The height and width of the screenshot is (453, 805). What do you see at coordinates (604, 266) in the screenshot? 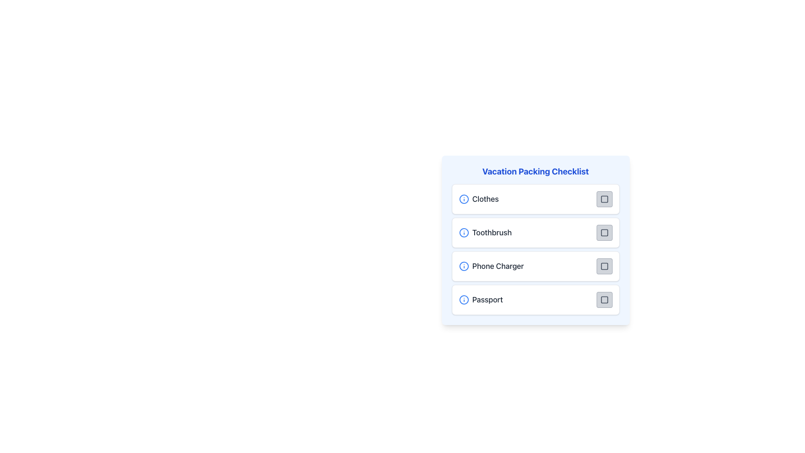
I see `the checkbox next to the 'Phone Charger' entry in the checklist` at bounding box center [604, 266].